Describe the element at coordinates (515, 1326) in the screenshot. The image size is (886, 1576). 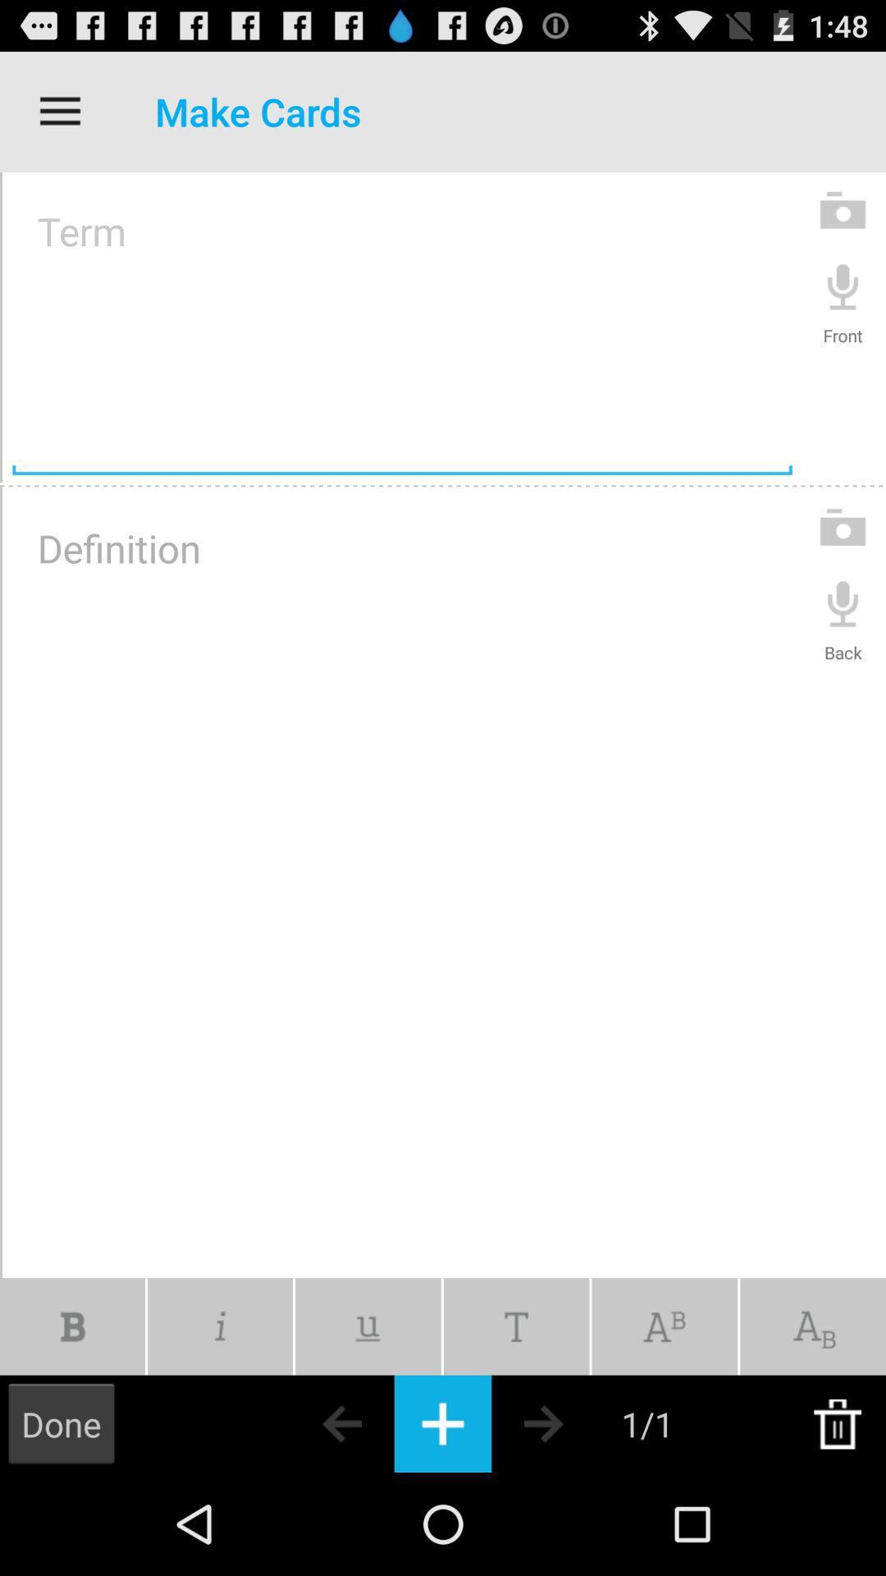
I see `text` at that location.